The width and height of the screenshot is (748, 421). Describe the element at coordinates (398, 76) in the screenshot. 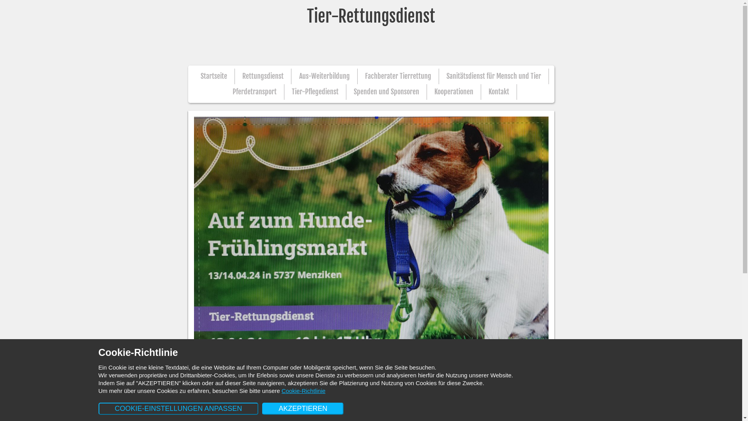

I see `'Fachberater Tierrettung'` at that location.